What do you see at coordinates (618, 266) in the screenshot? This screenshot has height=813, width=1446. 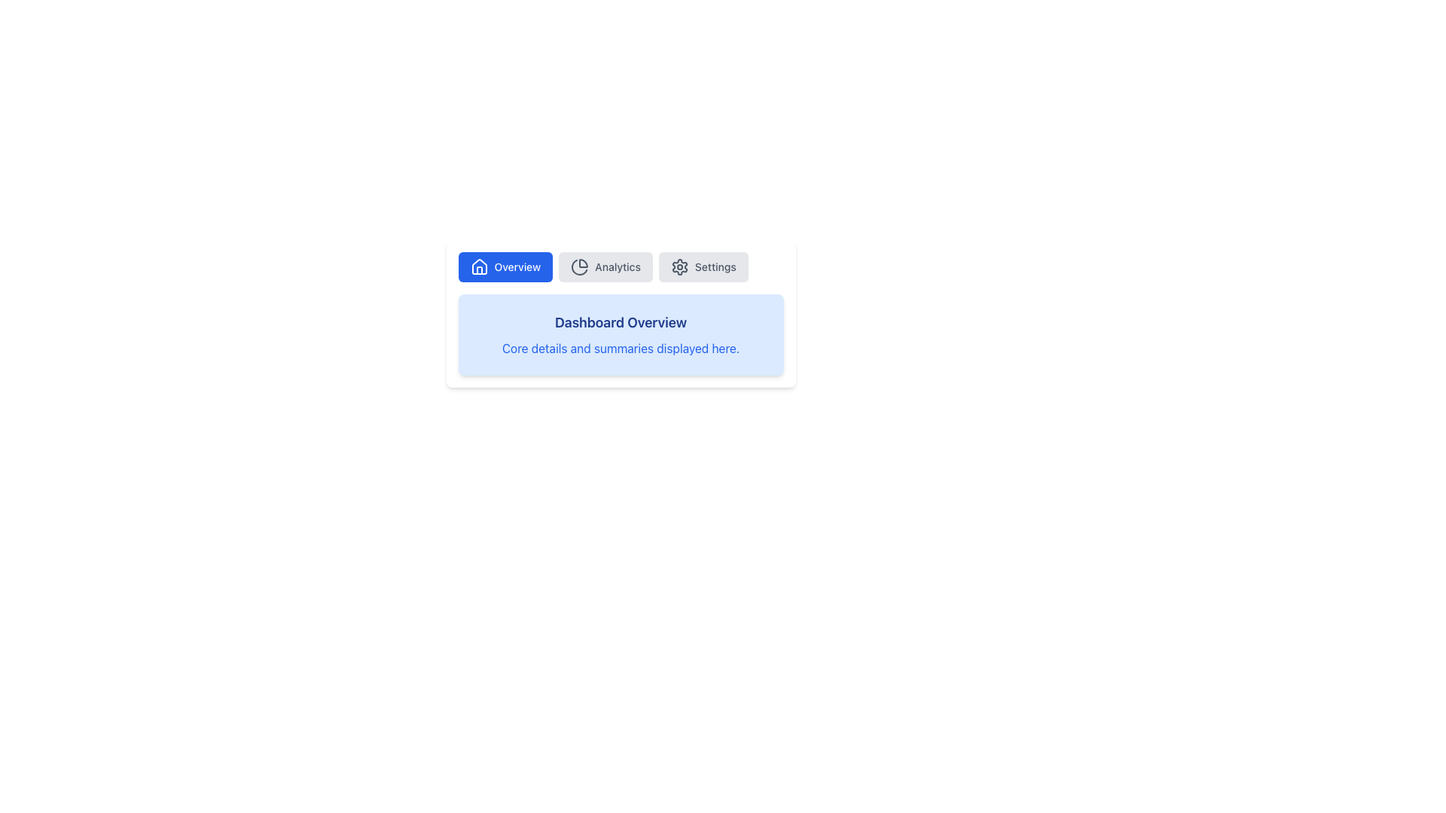 I see `the 'Analytics' text label which indicates the purpose of the adjacent button for navigation` at bounding box center [618, 266].